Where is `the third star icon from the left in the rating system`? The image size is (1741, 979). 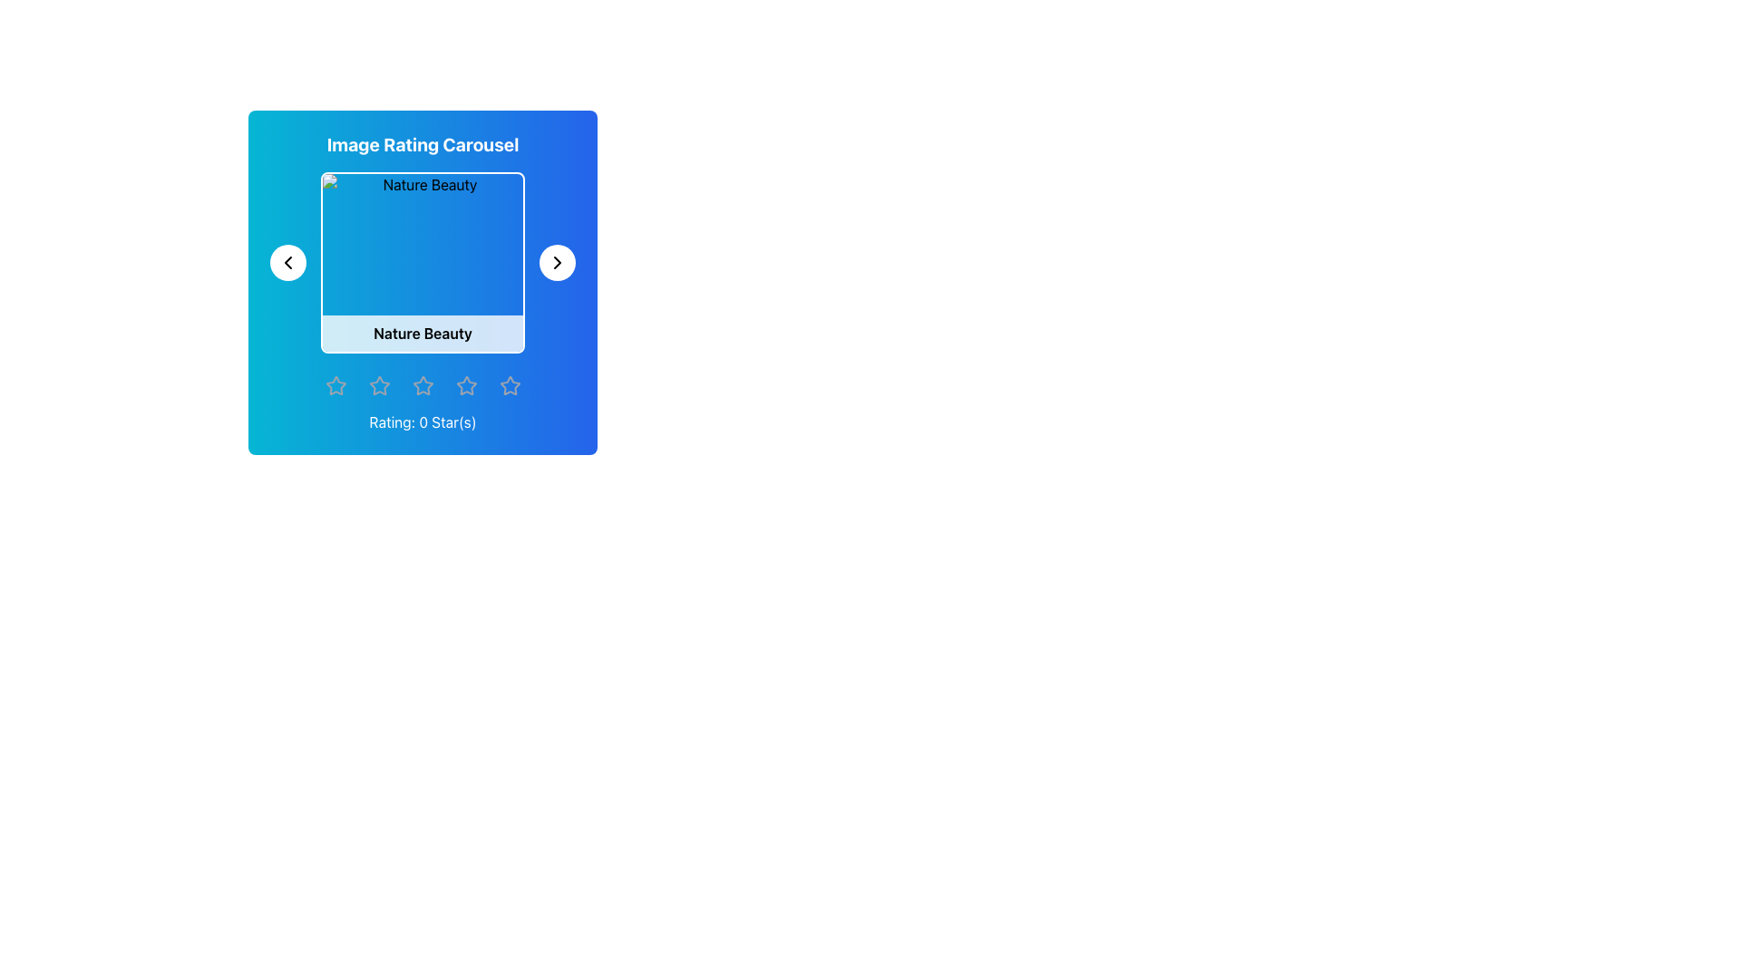 the third star icon from the left in the rating system is located at coordinates (422, 384).